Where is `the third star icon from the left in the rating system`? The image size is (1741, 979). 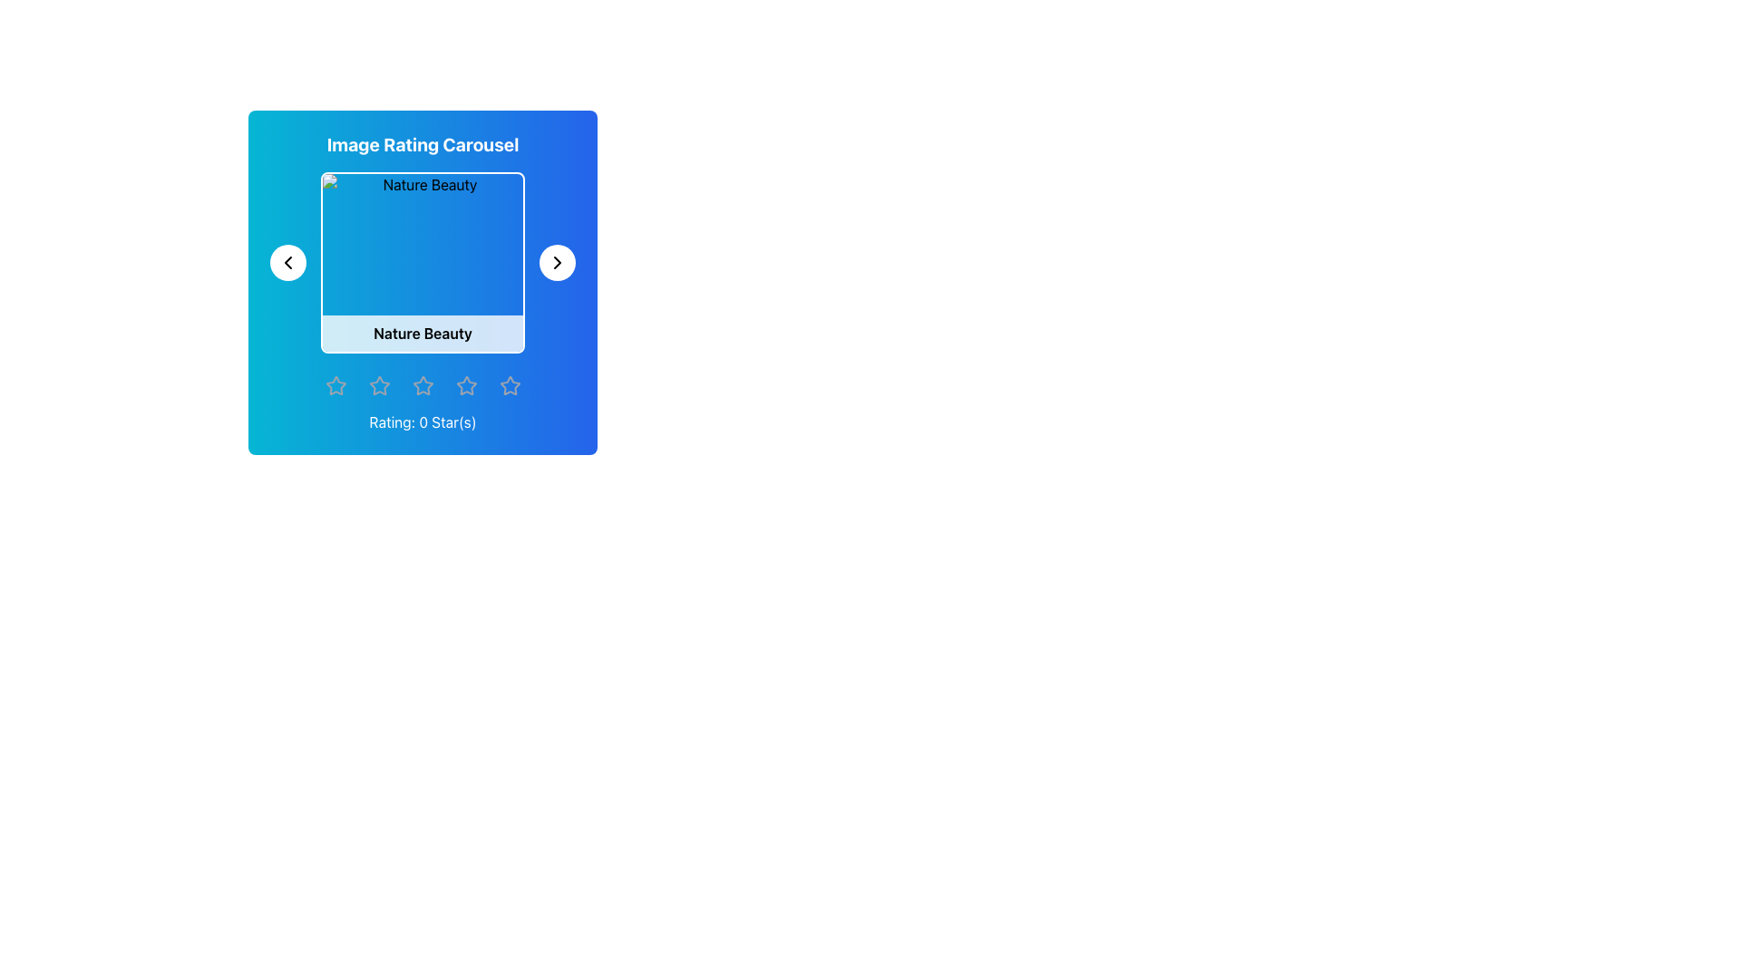 the third star icon from the left in the rating system is located at coordinates (422, 384).